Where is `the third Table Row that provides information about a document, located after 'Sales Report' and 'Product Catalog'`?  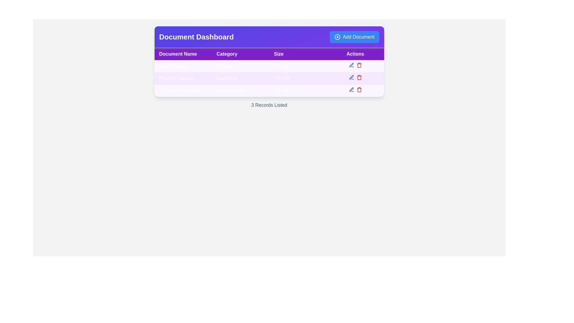 the third Table Row that provides information about a document, located after 'Sales Report' and 'Product Catalog' is located at coordinates (269, 91).